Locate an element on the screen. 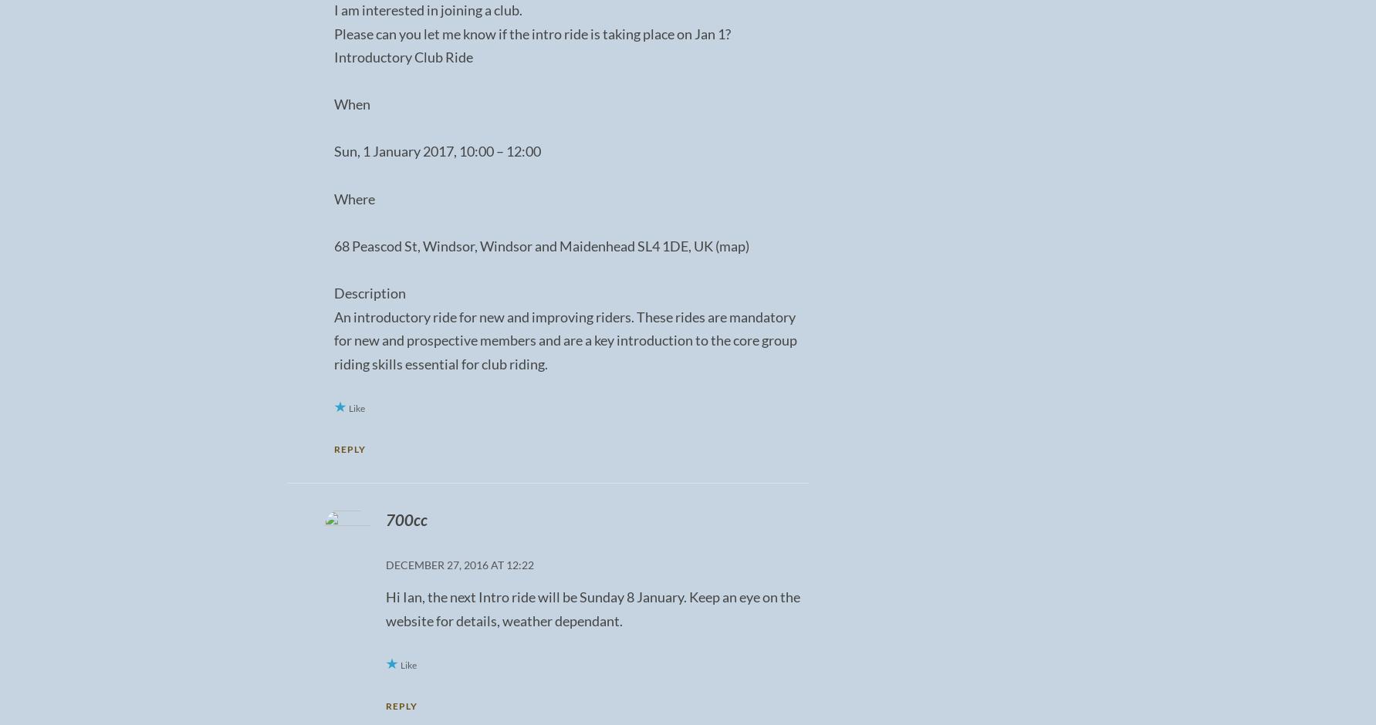 Image resolution: width=1376 pixels, height=725 pixels. 'Sun, 1 January 2017, 10:00 – 12:00' is located at coordinates (435, 150).